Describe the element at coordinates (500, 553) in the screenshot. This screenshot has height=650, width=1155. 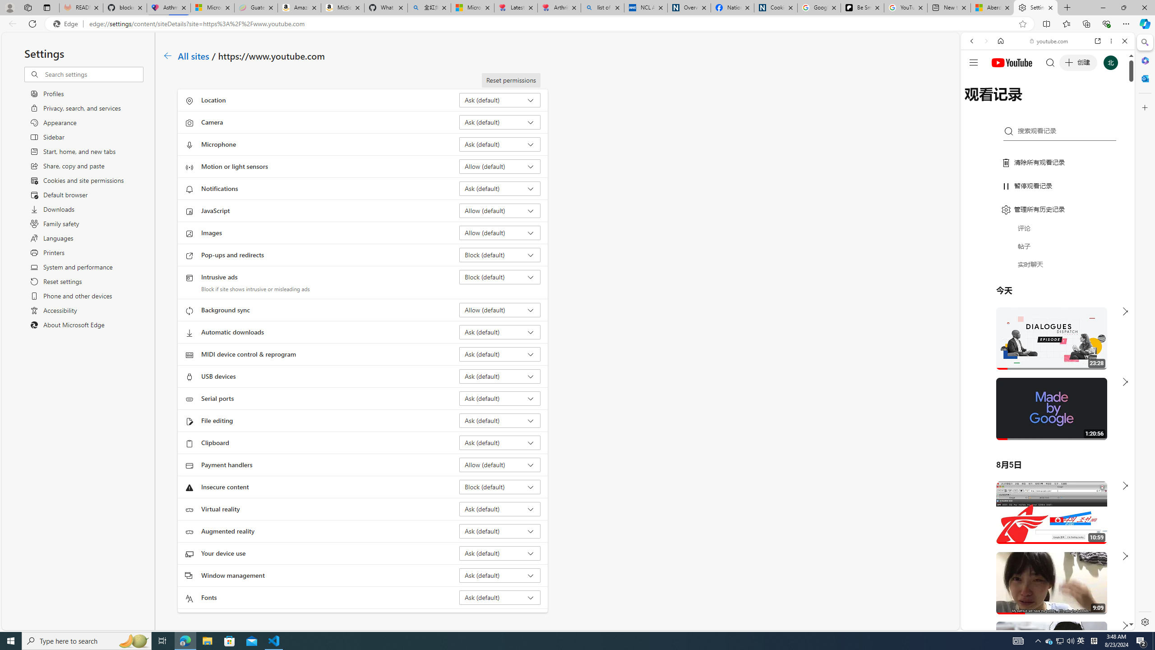
I see `'Your device use Ask (default)'` at that location.